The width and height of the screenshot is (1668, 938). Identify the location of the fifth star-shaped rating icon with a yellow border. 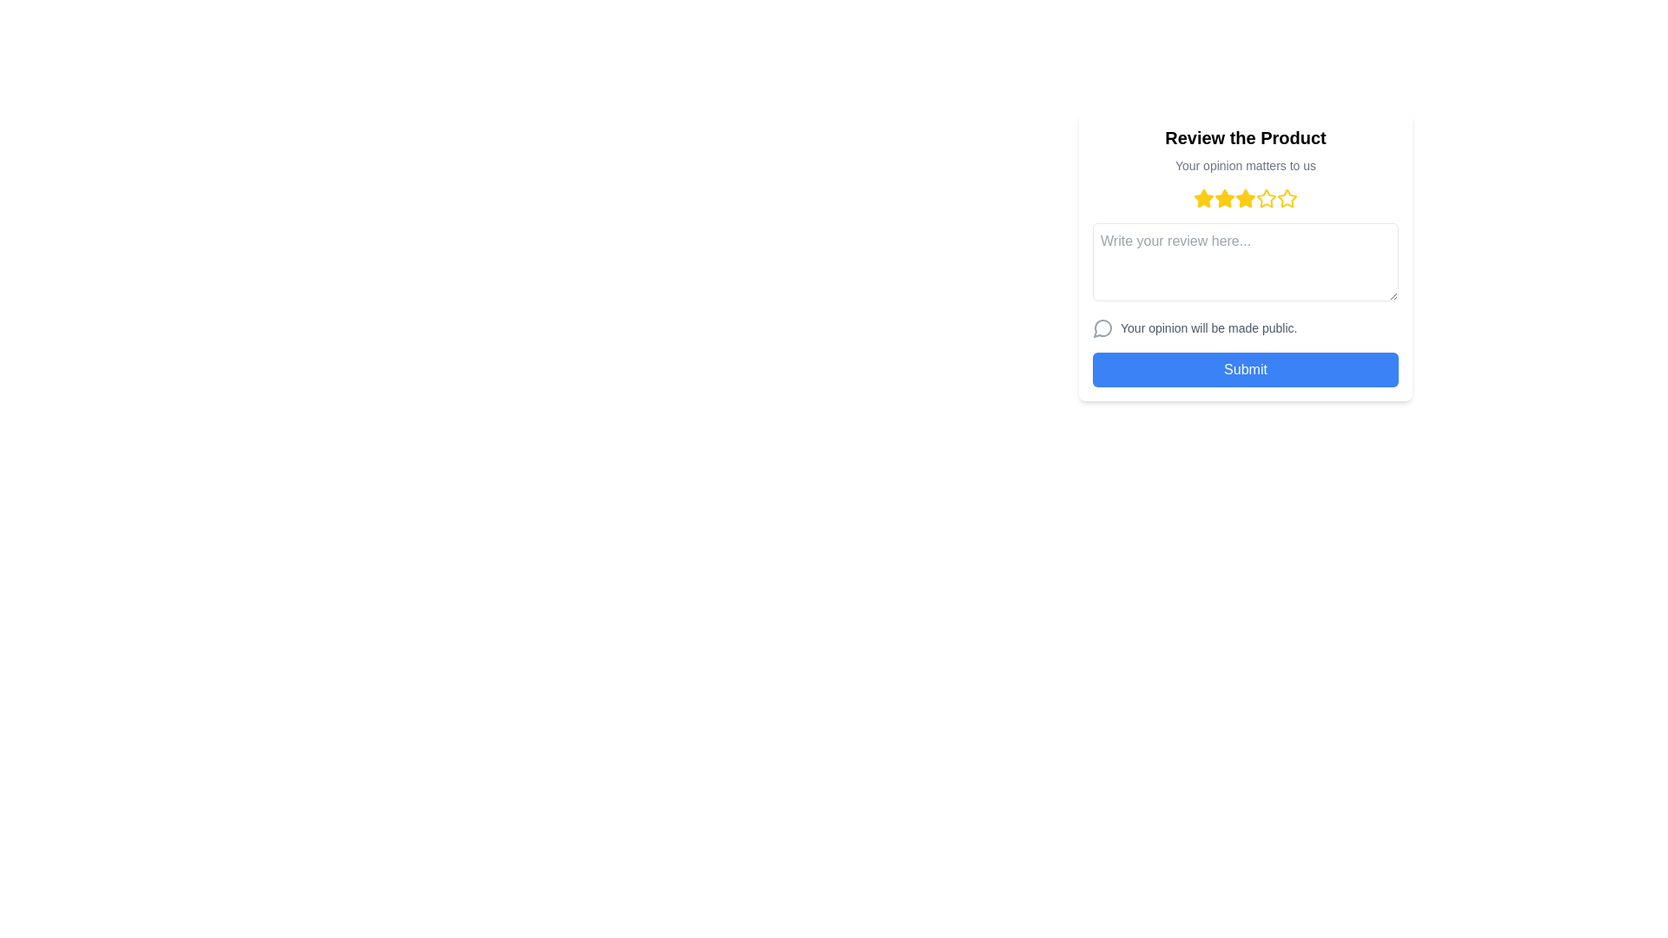
(1267, 197).